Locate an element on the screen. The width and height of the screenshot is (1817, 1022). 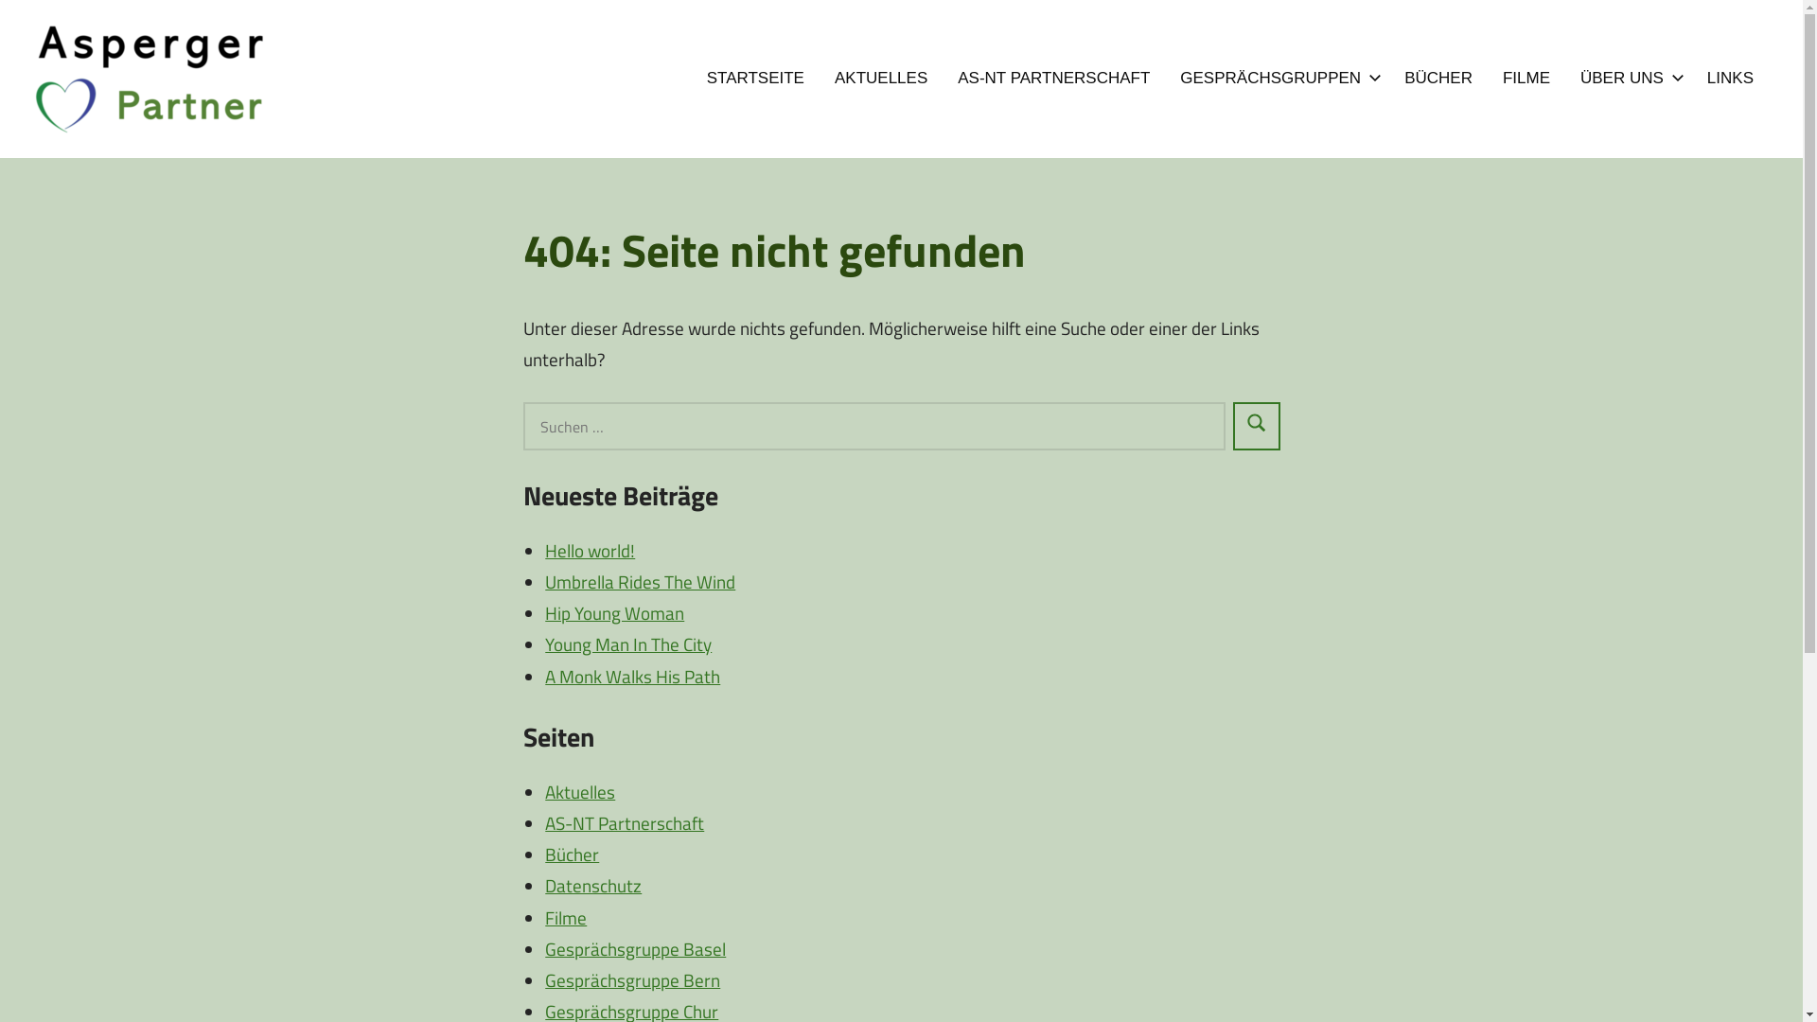
'Young Man In The City' is located at coordinates (627, 643).